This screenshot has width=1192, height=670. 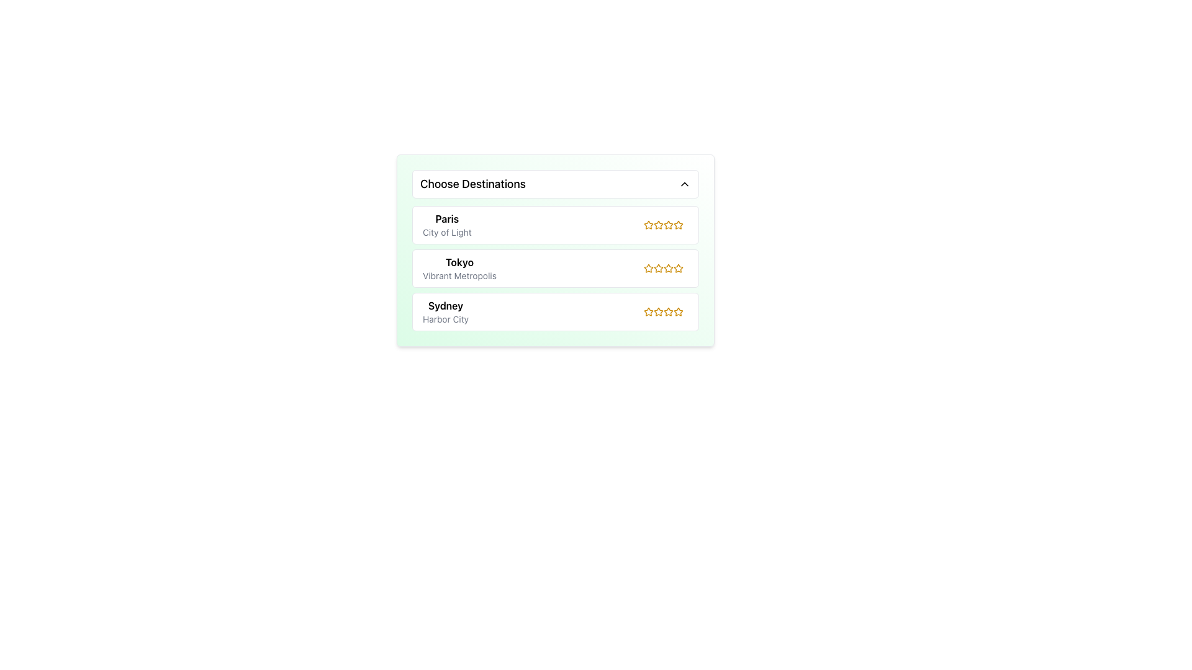 I want to click on the third star icon in the rating input for 'Paris - City of Light' to assign a rating, so click(x=657, y=225).